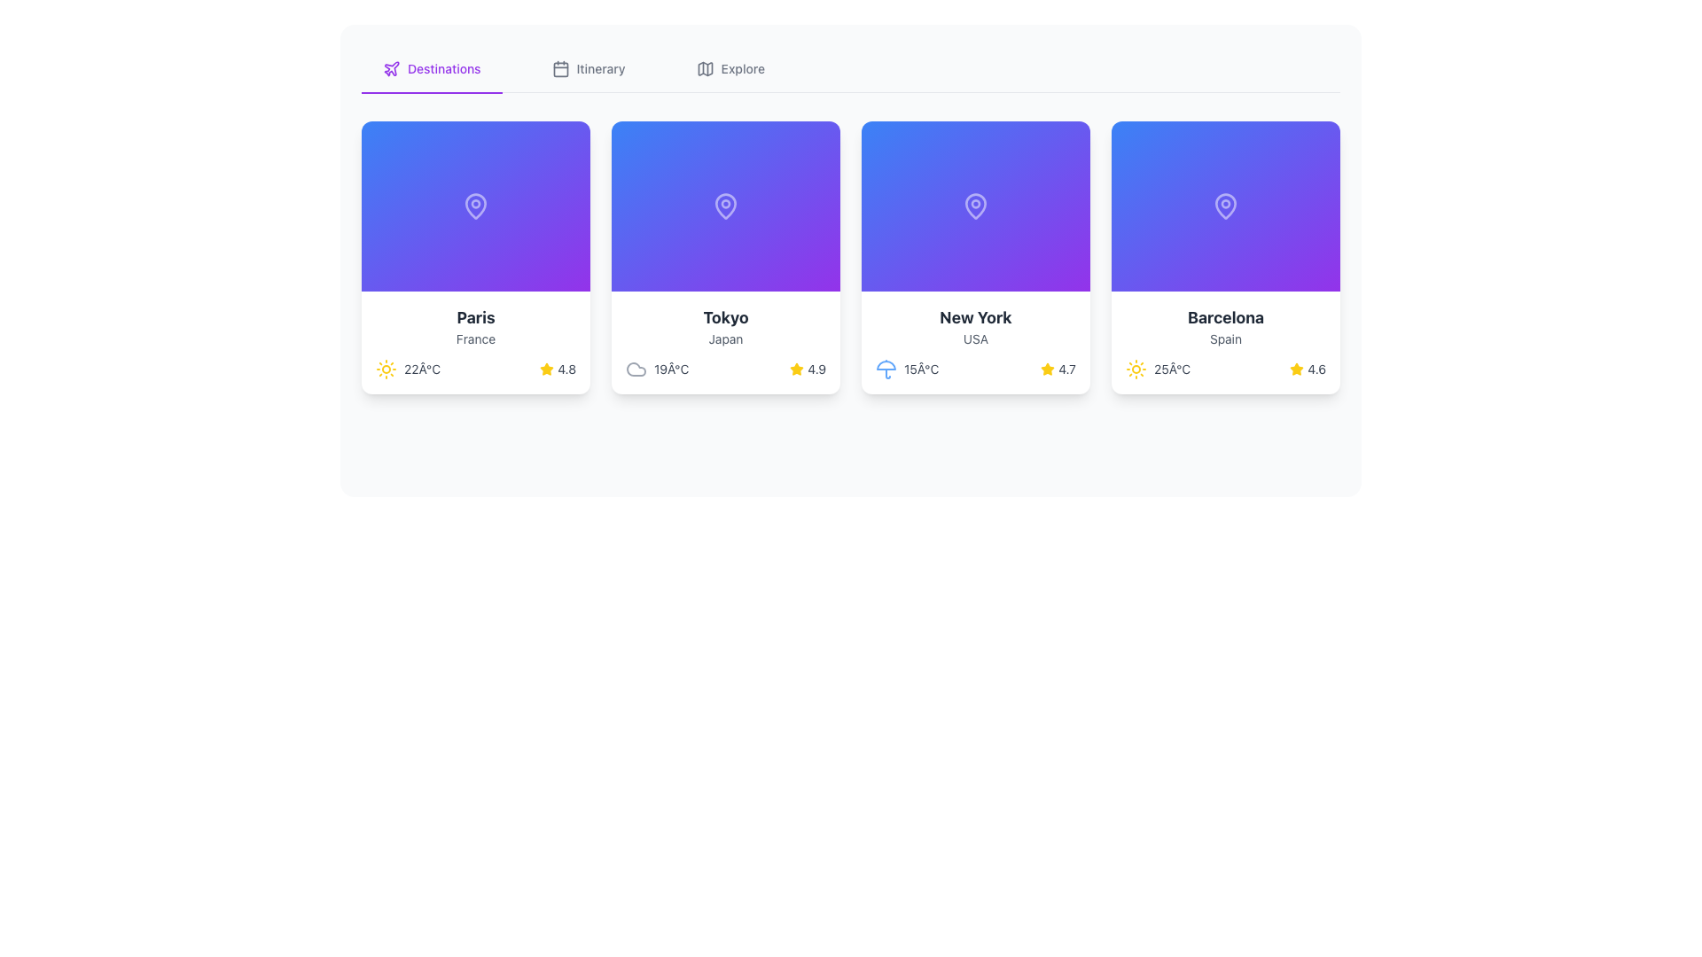 The width and height of the screenshot is (1702, 957). What do you see at coordinates (1224, 342) in the screenshot?
I see `the informational card displaying details about the city 'Barcelona', located within the fourth card from the left in the horizontally aligned list of cards` at bounding box center [1224, 342].